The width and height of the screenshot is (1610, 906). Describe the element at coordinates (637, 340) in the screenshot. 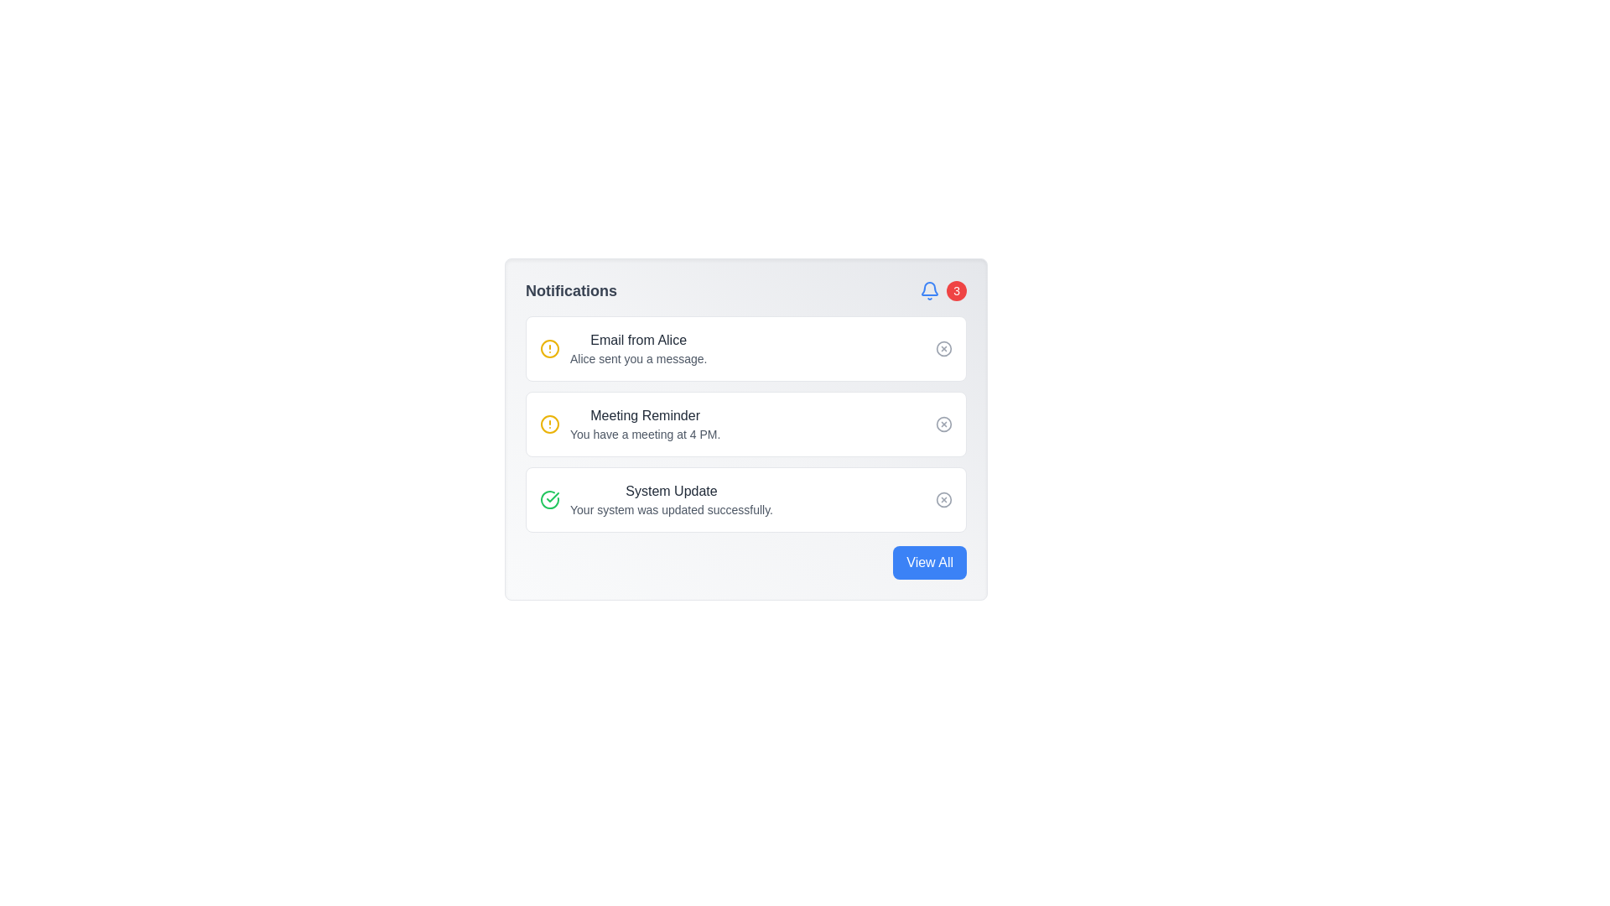

I see `title text of the notification card indicating an email from Alice, which is located in the top notification card under the 'Notifications' section` at that location.